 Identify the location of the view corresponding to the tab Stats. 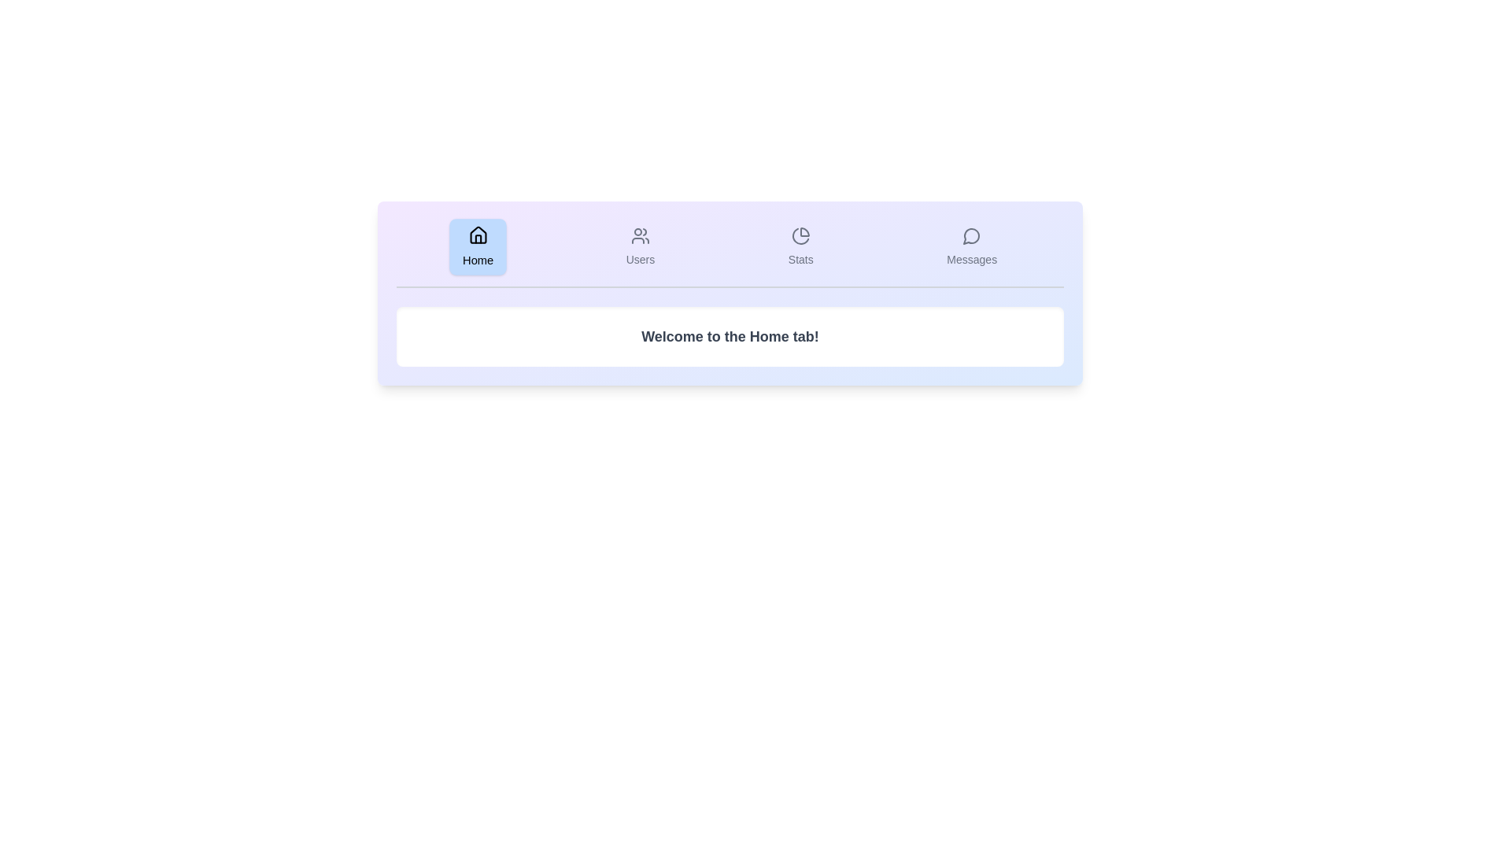
(800, 246).